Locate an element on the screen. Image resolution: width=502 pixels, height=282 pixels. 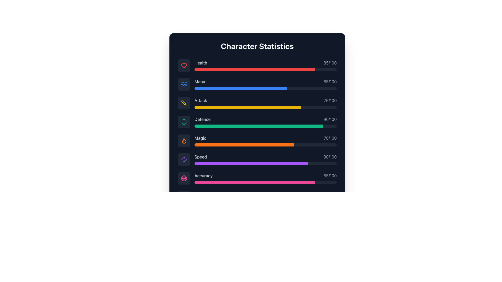
the first icon button in the statistics row, which visually indicates the 'Mana' statistic, located to the left of the 'Mana 65/100' label is located at coordinates (184, 84).